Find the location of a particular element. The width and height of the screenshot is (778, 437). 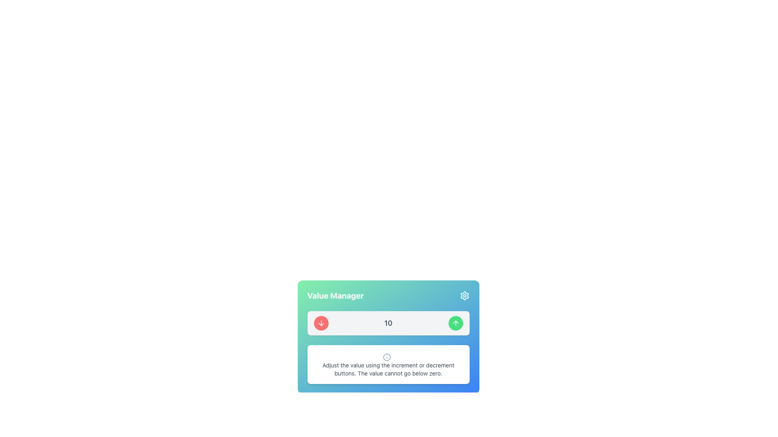

the green circular button located on the right side of the horizontal strip containing the number '10' in the 'Value Manager' widget to increment the value is located at coordinates (455, 322).